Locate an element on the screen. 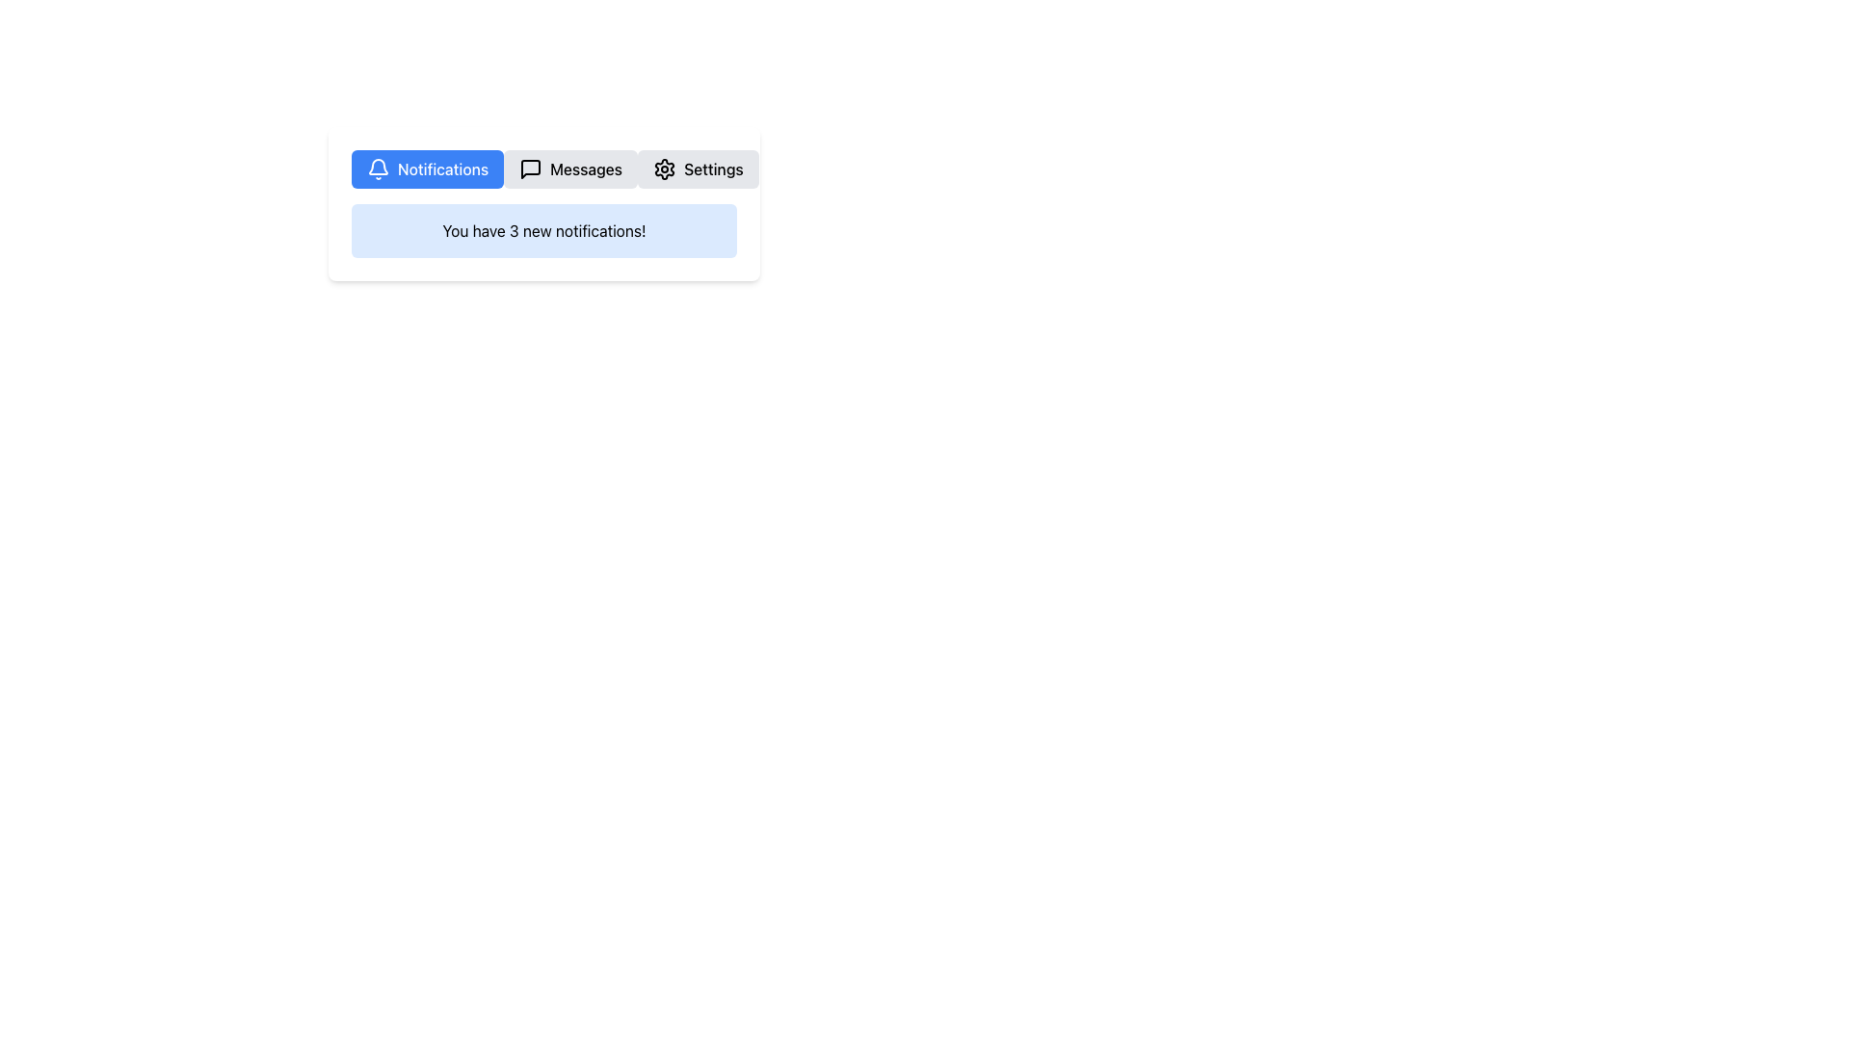  the 'Messages' icon located in the navigation menu at the top center of the window is located at coordinates (531, 169).